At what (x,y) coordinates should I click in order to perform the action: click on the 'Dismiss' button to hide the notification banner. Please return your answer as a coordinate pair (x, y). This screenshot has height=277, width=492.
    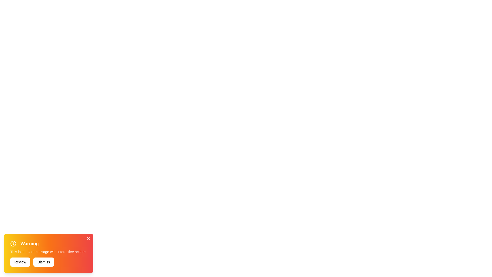
    Looking at the image, I should click on (44, 262).